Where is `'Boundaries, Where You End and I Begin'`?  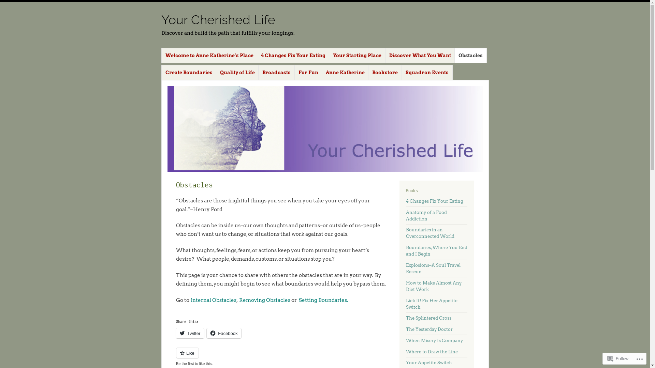
'Boundaries, Where You End and I Begin' is located at coordinates (437, 251).